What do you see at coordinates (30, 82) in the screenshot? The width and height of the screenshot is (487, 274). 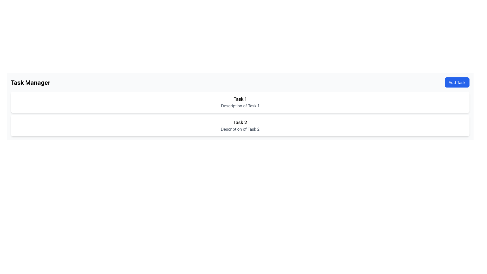 I see `the bold, large-sized text label displaying 'Task Manager', which is positioned prominently near the top left of the interface` at bounding box center [30, 82].